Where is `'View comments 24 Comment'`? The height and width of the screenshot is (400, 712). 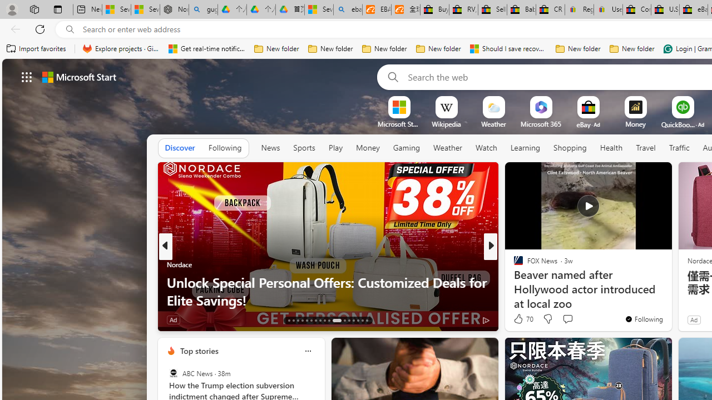 'View comments 24 Comment' is located at coordinates (567, 319).